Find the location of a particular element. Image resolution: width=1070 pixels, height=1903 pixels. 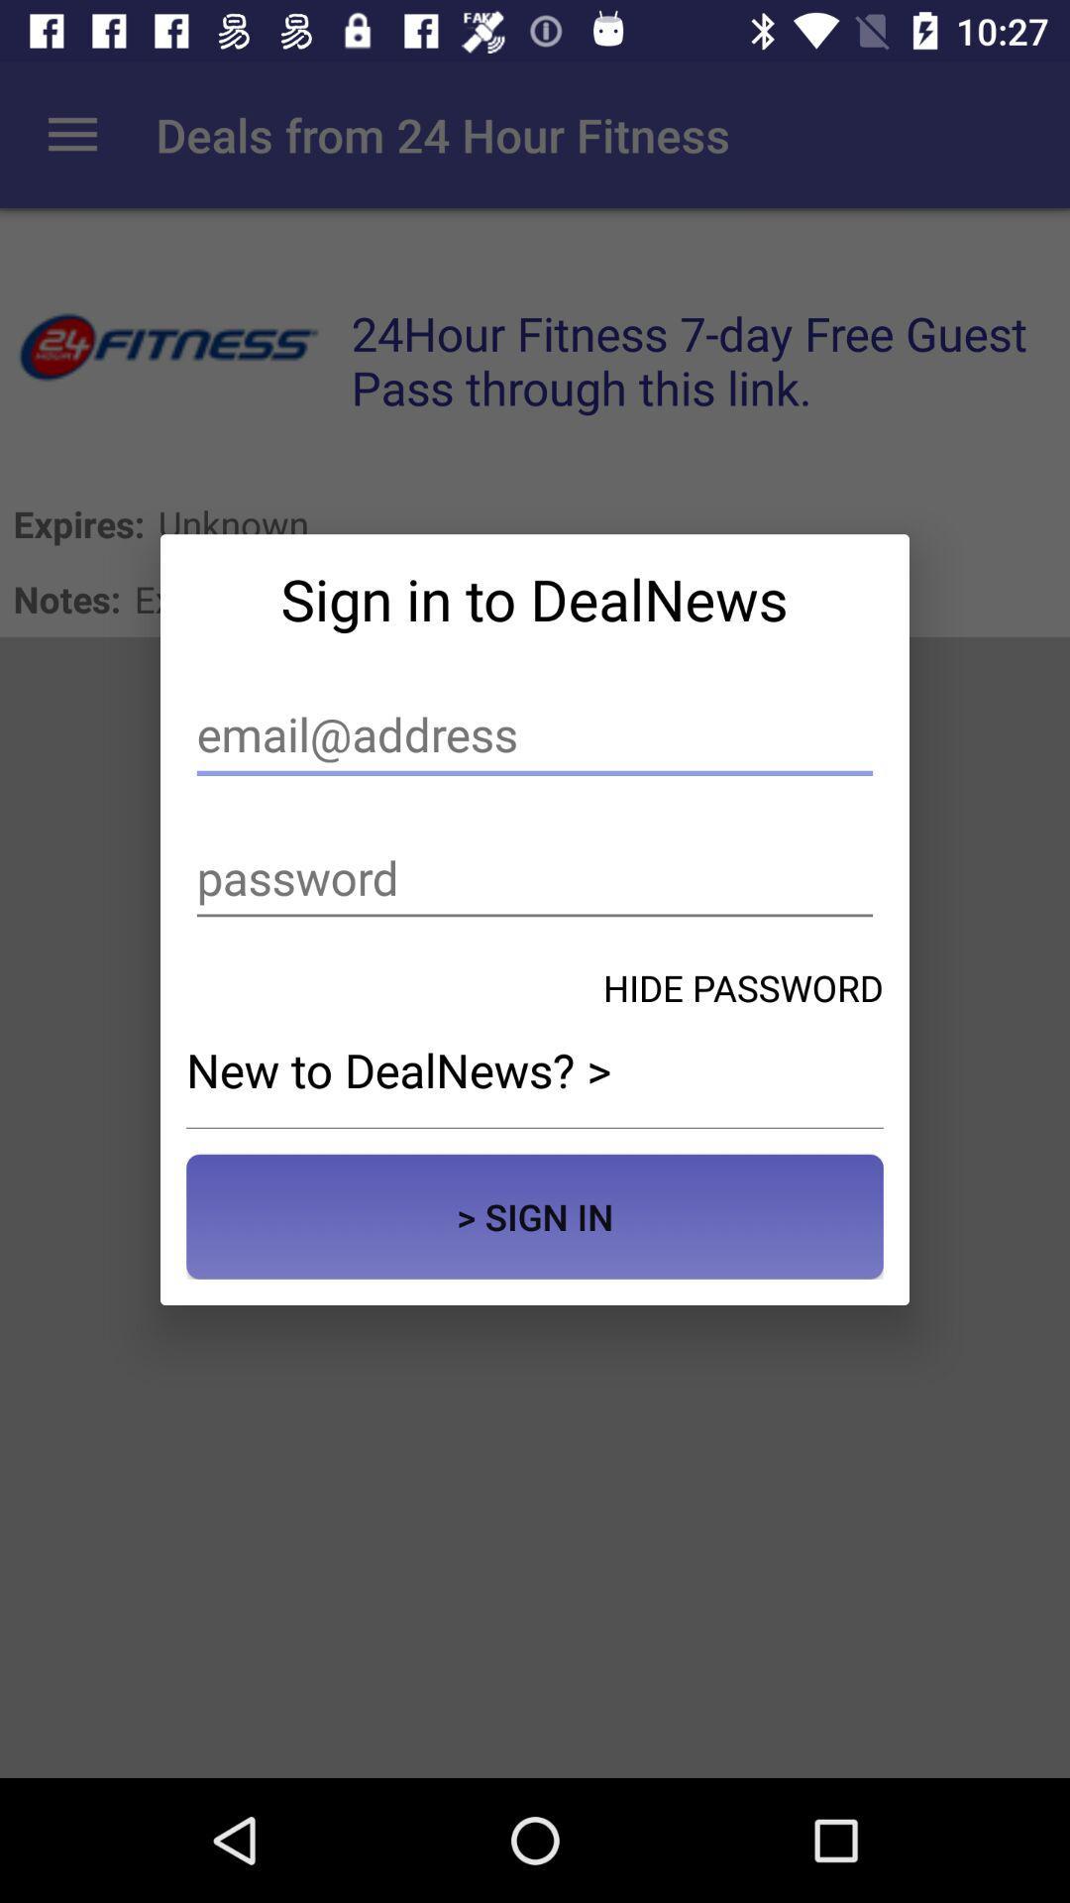

icon below sign in to icon is located at coordinates (535, 733).